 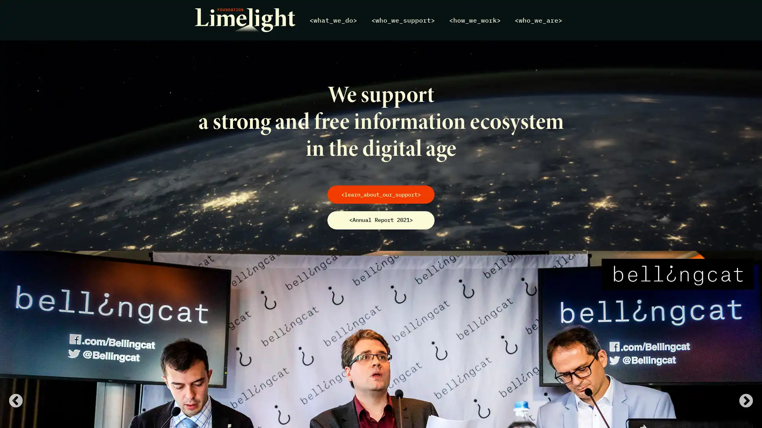 What do you see at coordinates (15, 401) in the screenshot?
I see `Previous` at bounding box center [15, 401].